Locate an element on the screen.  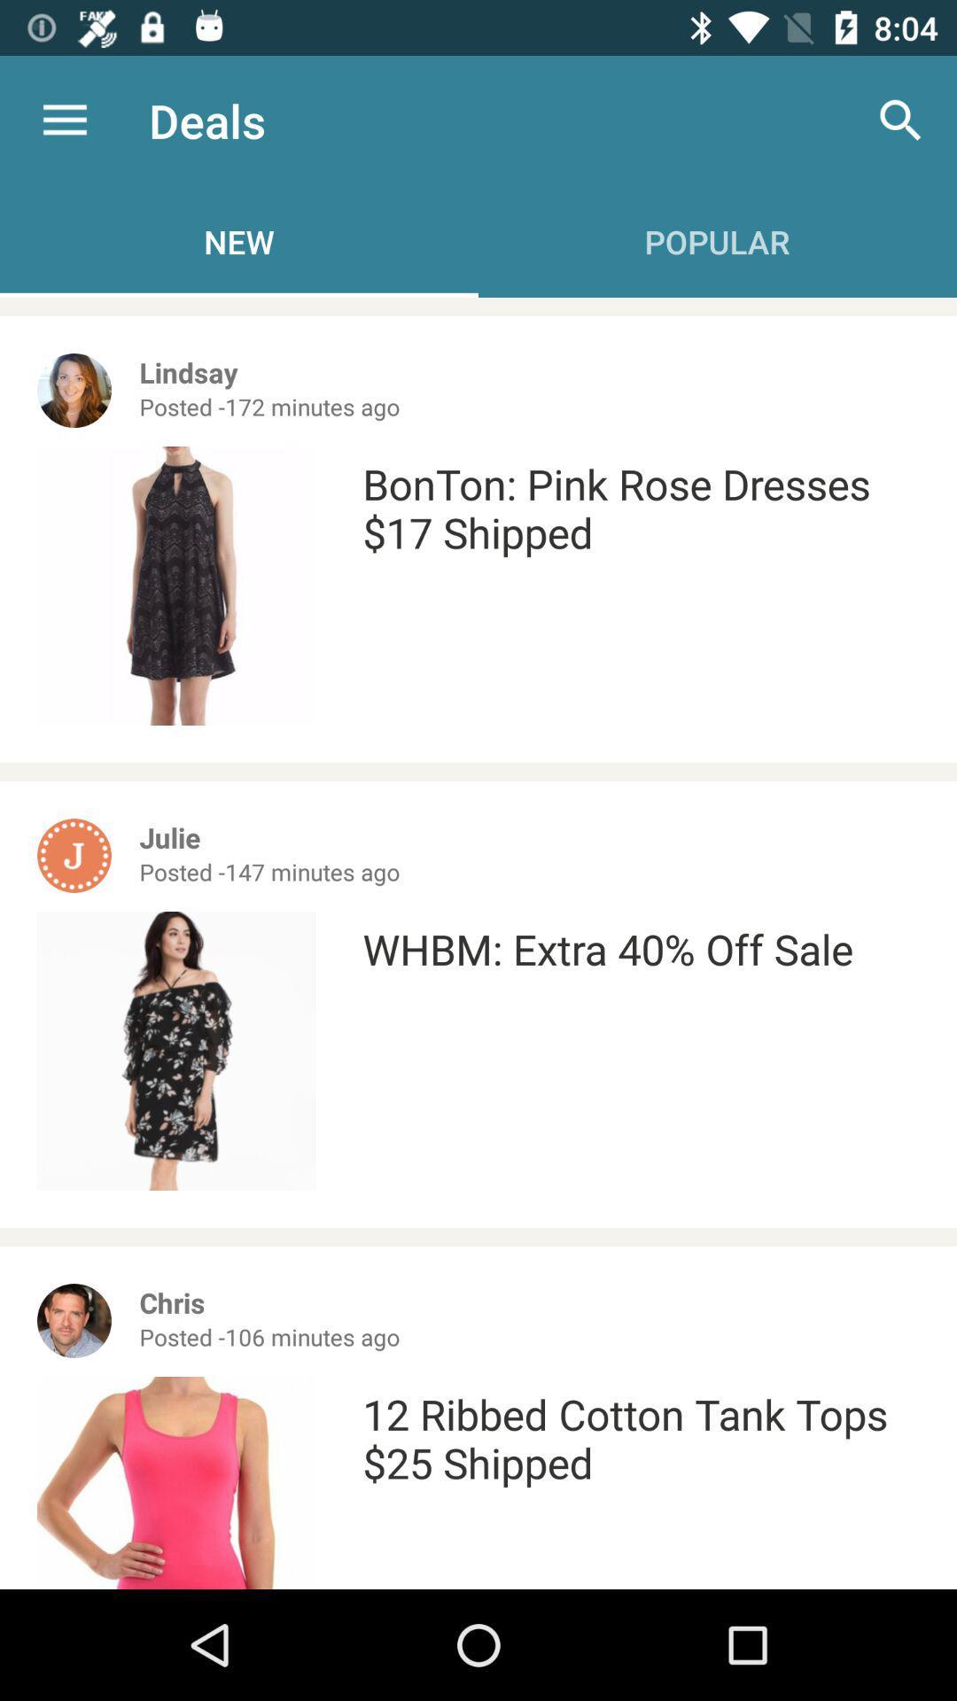
the 1st image is located at coordinates (74, 390).